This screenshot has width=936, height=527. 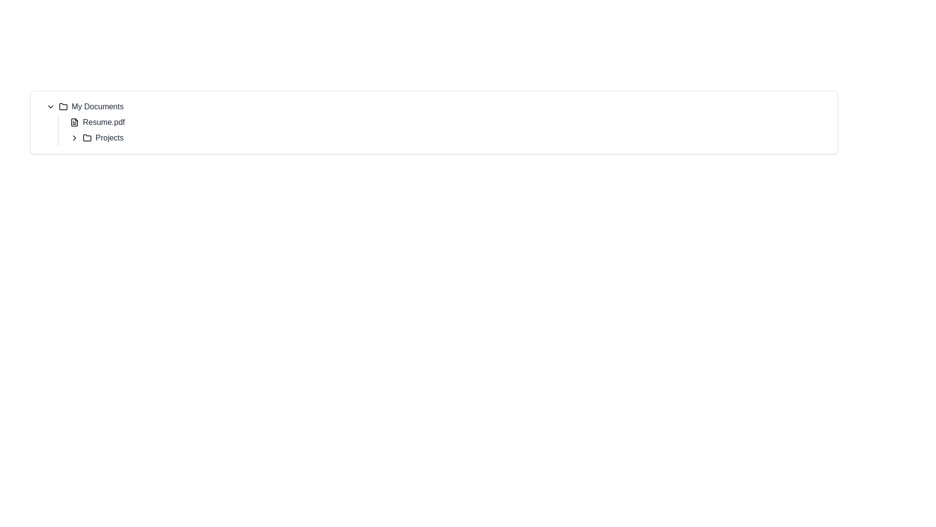 What do you see at coordinates (74, 122) in the screenshot?
I see `the text file icon preceding the text 'Resume.pdf' by moving the cursor to its center point` at bounding box center [74, 122].